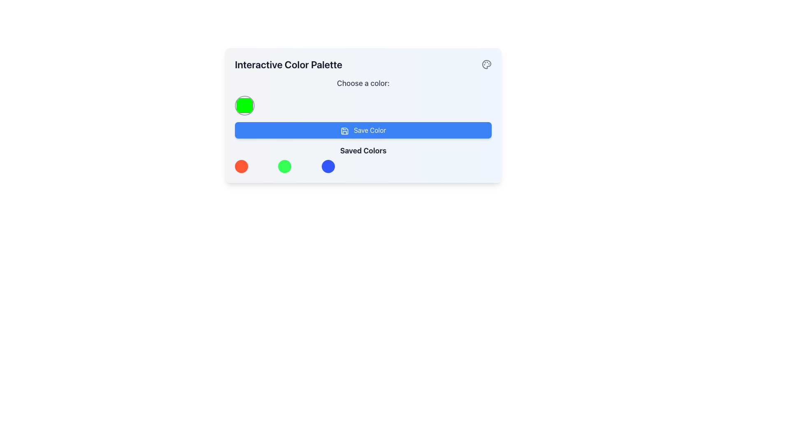 This screenshot has height=444, width=790. I want to click on text of the heading 'Interactive Color Palette' which is styled in bold and dark gray, located near the top-left corner of a card-like panel, so click(288, 64).